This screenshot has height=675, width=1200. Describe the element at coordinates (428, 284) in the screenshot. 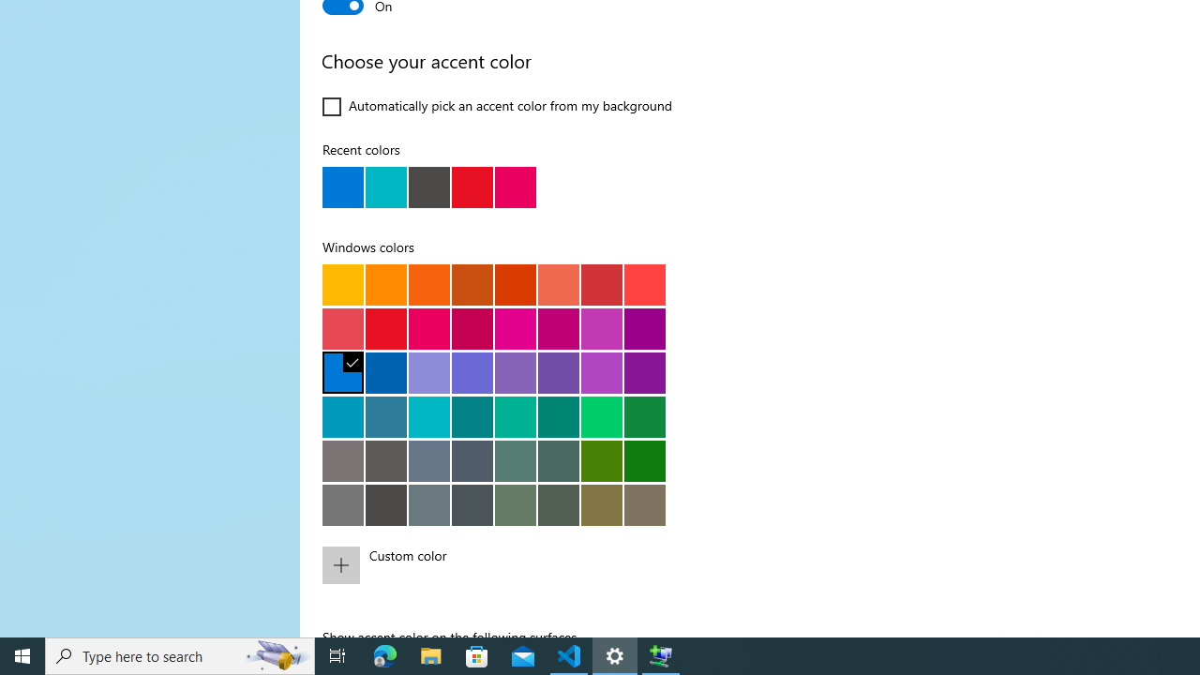

I see `'Orange bright'` at that location.